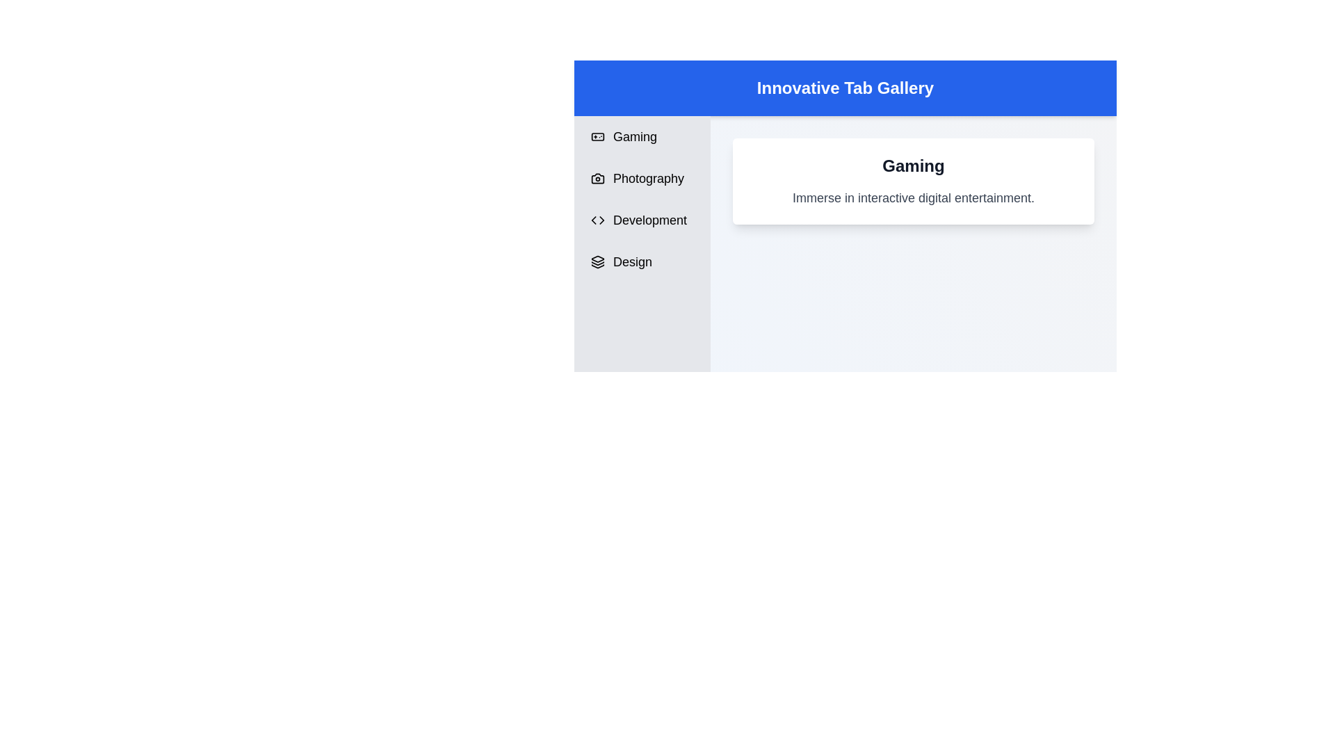  Describe the element at coordinates (844, 88) in the screenshot. I see `the center of the header labeled 'Innovative Tab Gallery'` at that location.